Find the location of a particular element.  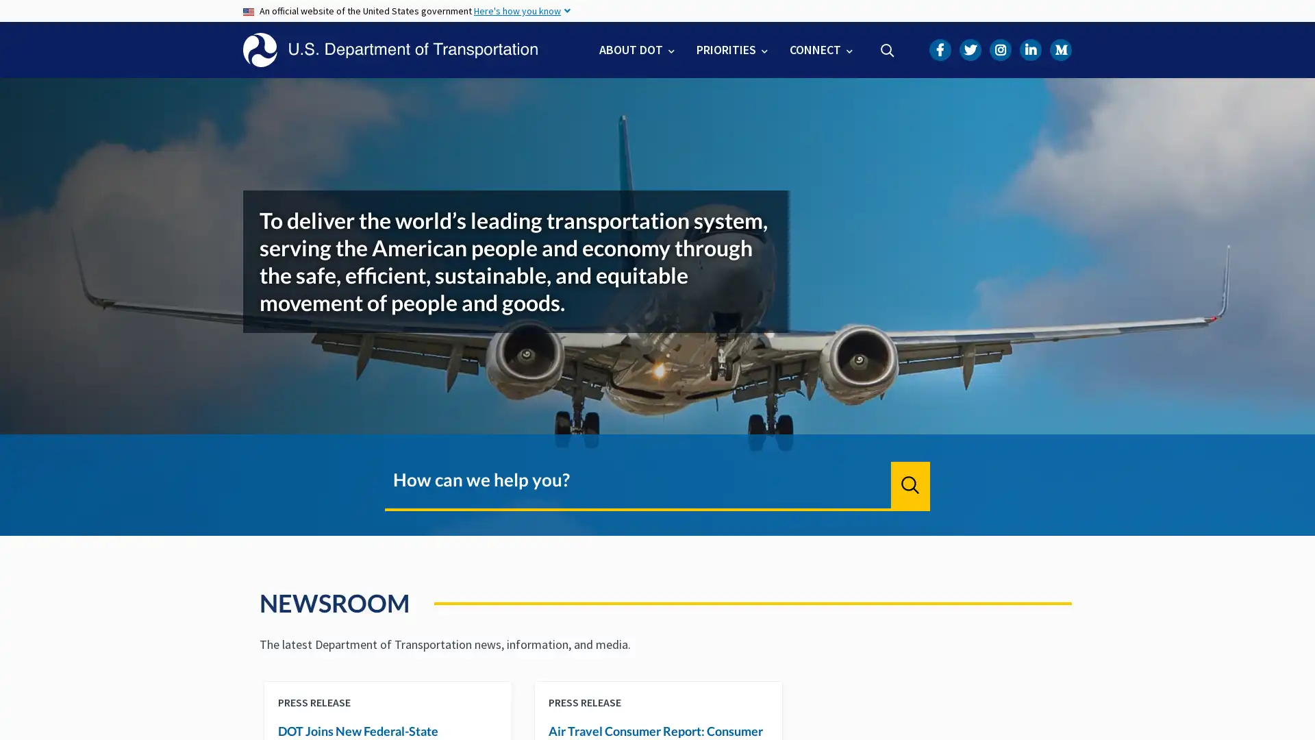

Search is located at coordinates (910, 484).